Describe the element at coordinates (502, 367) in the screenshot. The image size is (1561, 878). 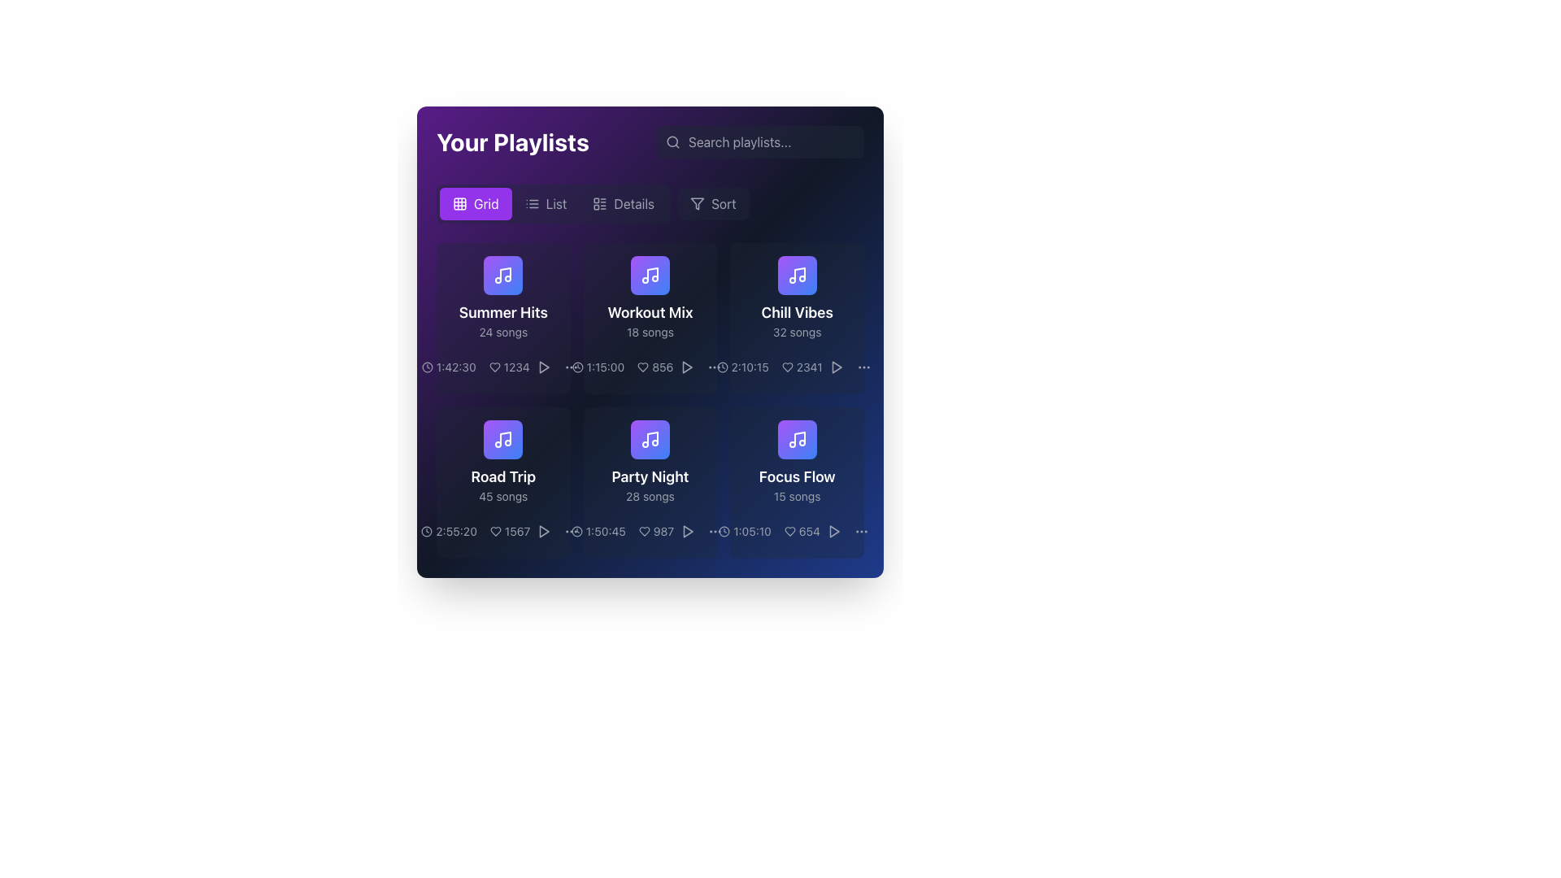
I see `the likes icon or text area within the 'Summer Hits' playlist card, which indicates the popularity of the playlist` at that location.